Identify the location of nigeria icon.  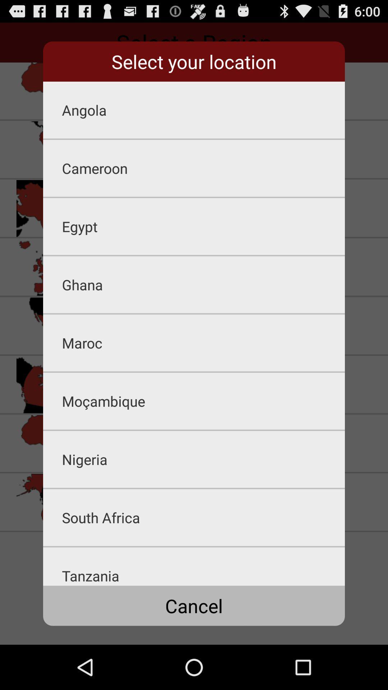
(203, 459).